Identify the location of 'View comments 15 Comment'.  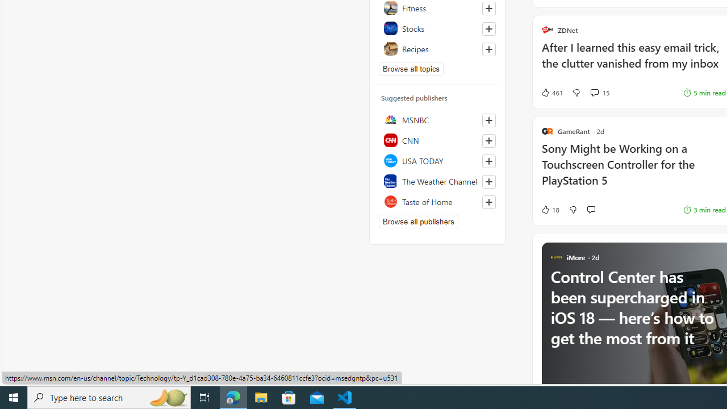
(599, 92).